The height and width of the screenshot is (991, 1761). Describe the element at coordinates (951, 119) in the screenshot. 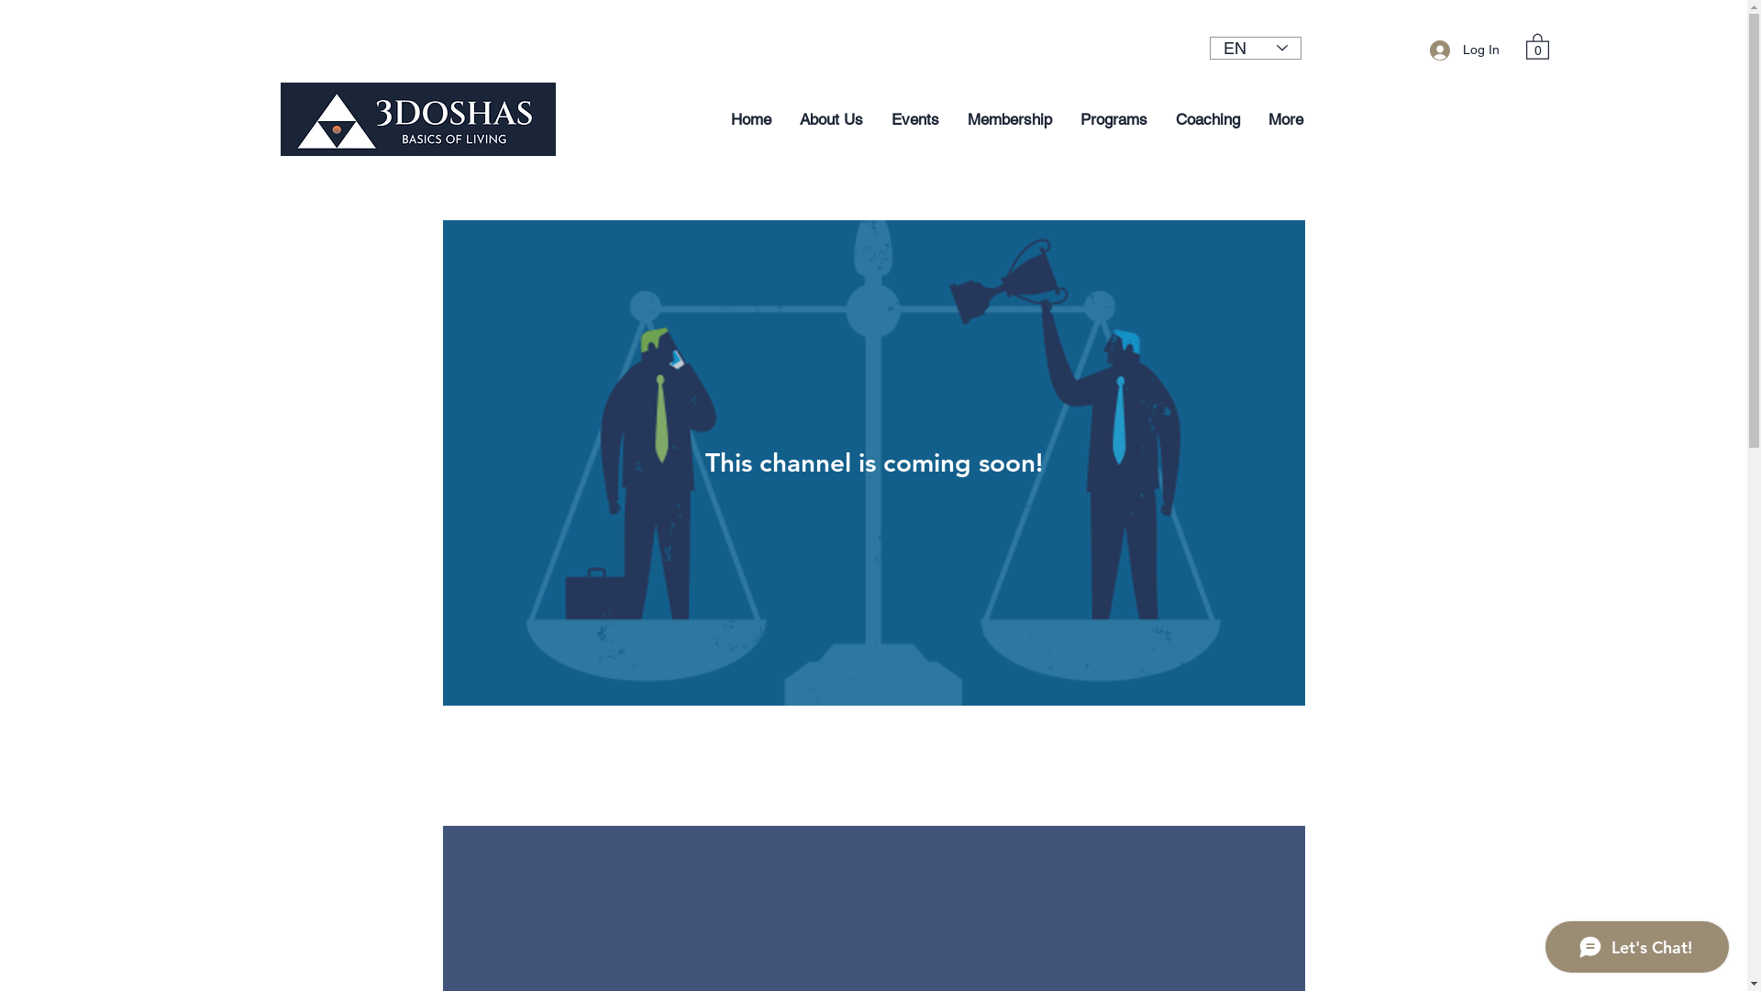

I see `'Membership'` at that location.